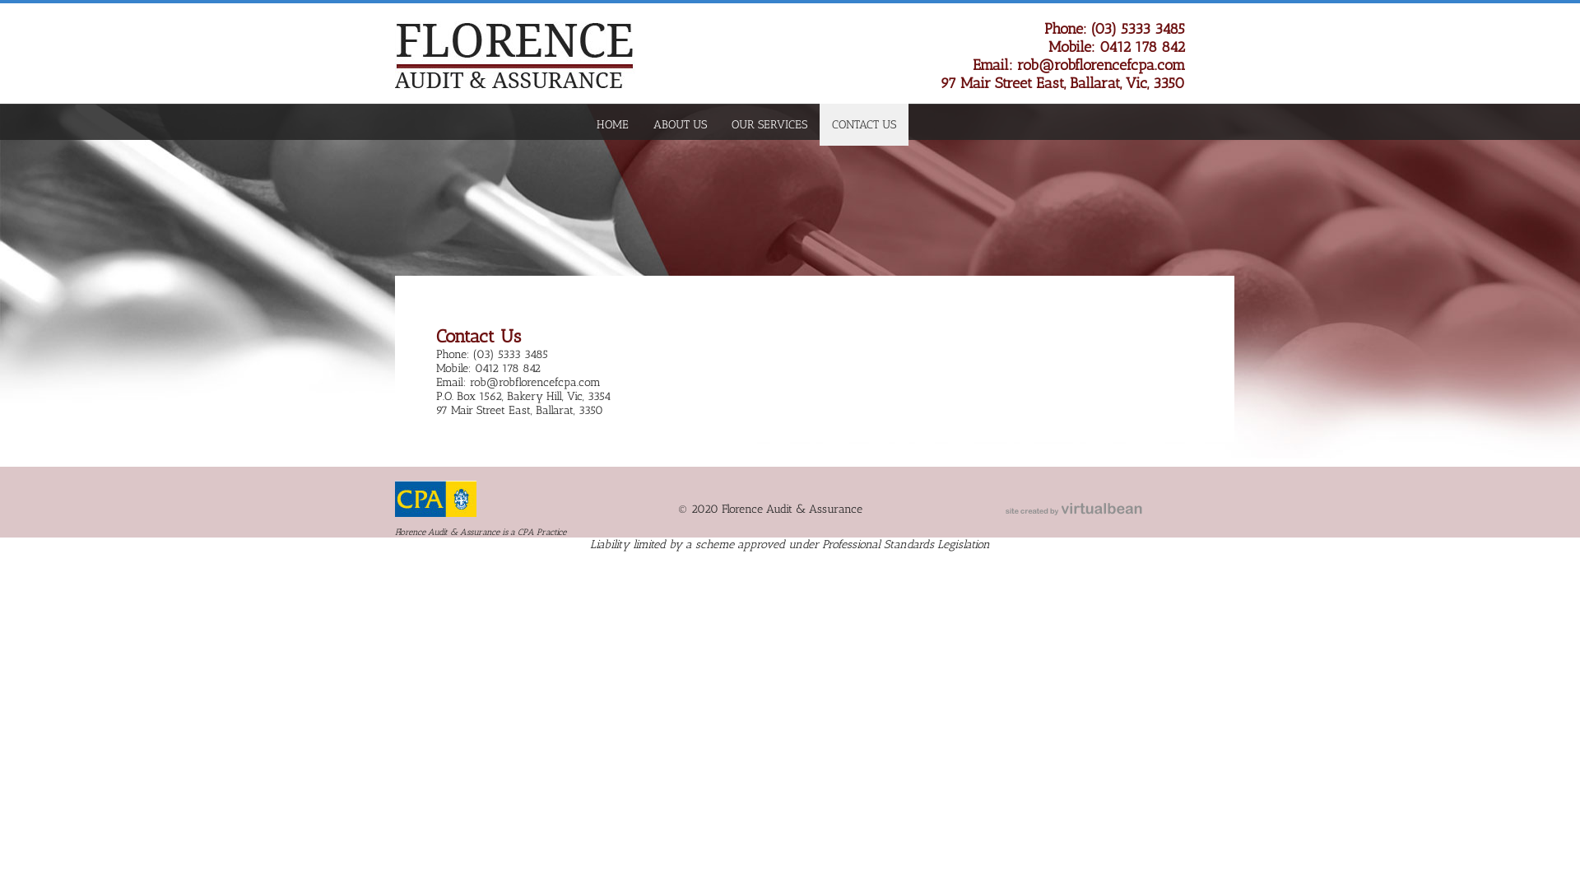 The width and height of the screenshot is (1580, 889). What do you see at coordinates (1101, 63) in the screenshot?
I see `'rob@robflorencefcpa.com'` at bounding box center [1101, 63].